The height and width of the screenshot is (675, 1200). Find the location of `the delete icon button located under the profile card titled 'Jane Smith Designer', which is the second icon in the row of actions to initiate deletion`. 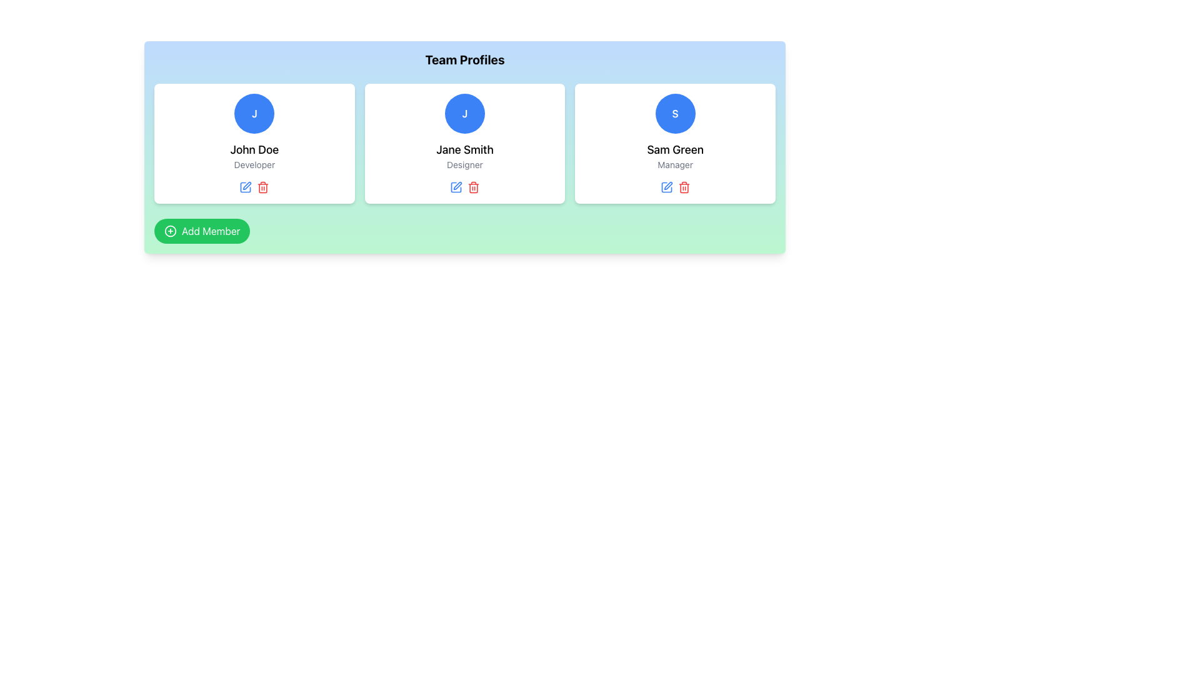

the delete icon button located under the profile card titled 'Jane Smith Designer', which is the second icon in the row of actions to initiate deletion is located at coordinates (473, 187).